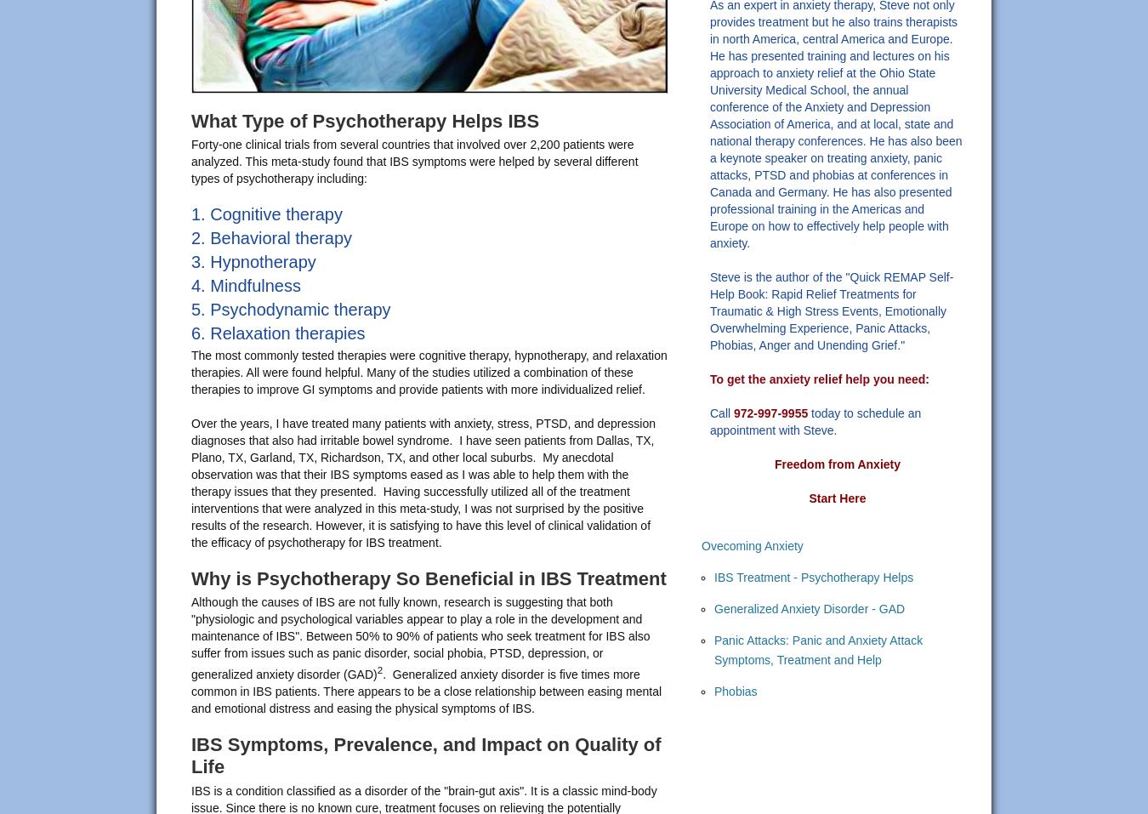 The height and width of the screenshot is (814, 1148). Describe the element at coordinates (813, 577) in the screenshot. I see `'IBS Treatment - Psychotherapy Helps'` at that location.